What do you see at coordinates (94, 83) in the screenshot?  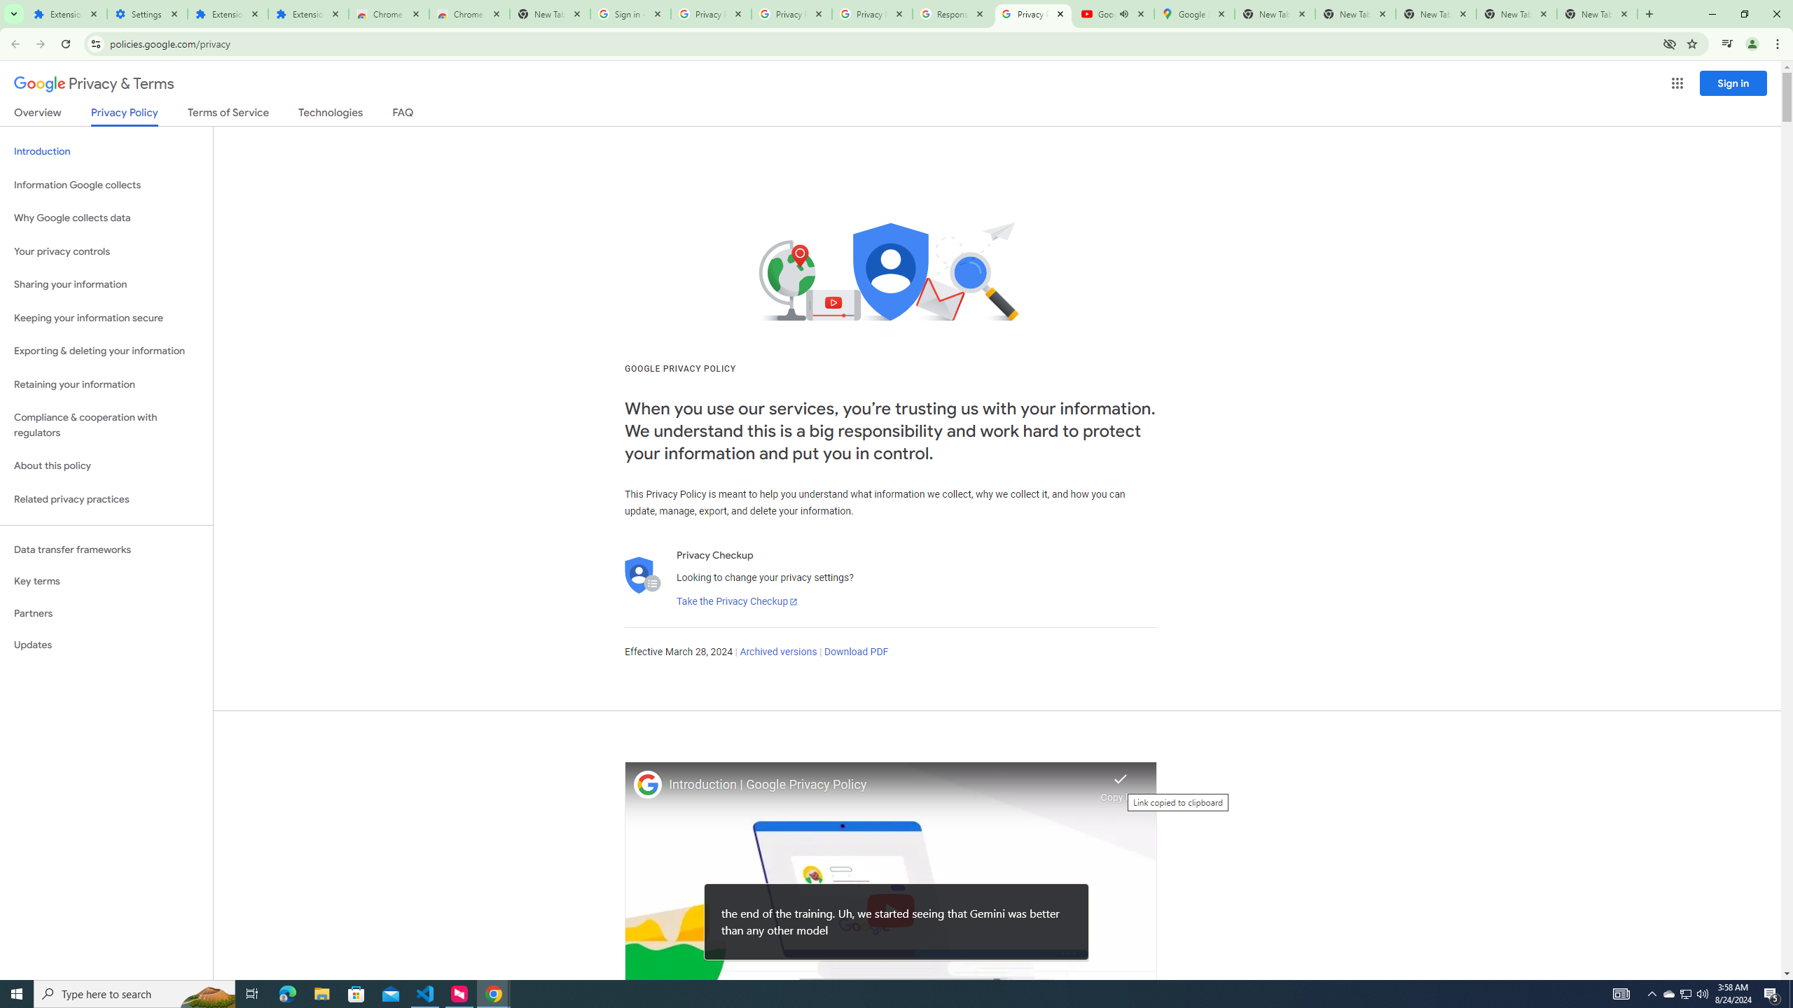 I see `'Privacy & Terms'` at bounding box center [94, 83].